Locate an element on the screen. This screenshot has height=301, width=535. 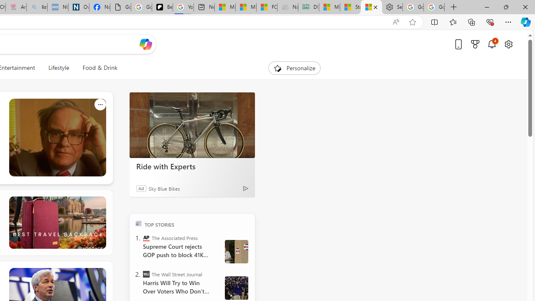
'Lifestyle' is located at coordinates (58, 68).